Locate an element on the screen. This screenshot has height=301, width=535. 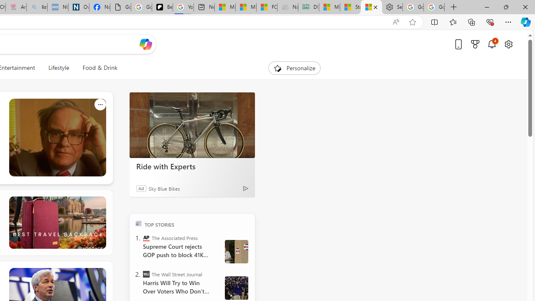
'Lifestyle' is located at coordinates (58, 68).